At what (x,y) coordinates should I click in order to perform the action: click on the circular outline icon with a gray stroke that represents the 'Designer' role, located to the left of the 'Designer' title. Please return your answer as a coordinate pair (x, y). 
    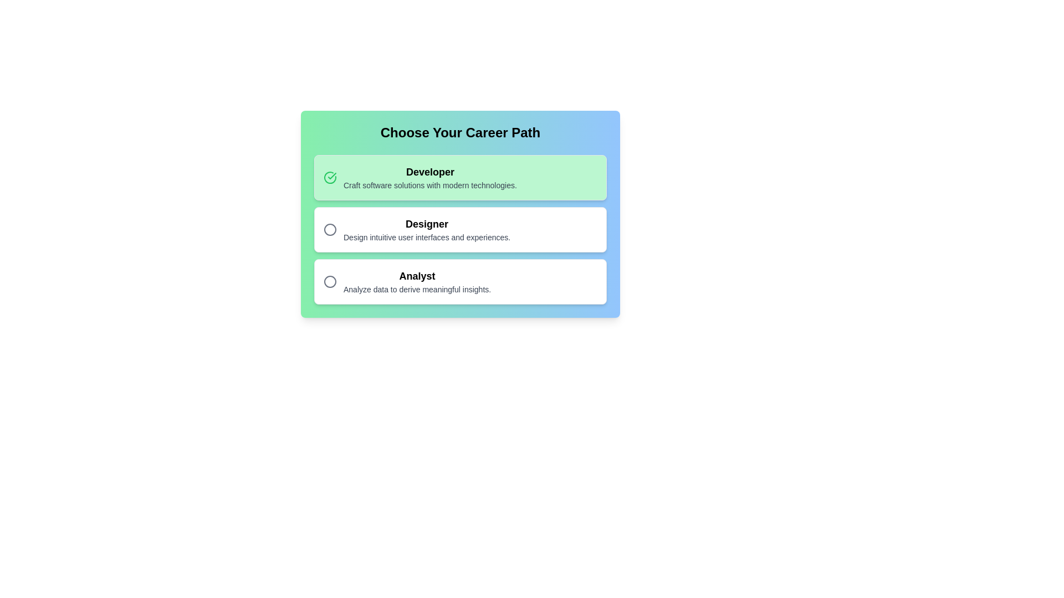
    Looking at the image, I should click on (329, 229).